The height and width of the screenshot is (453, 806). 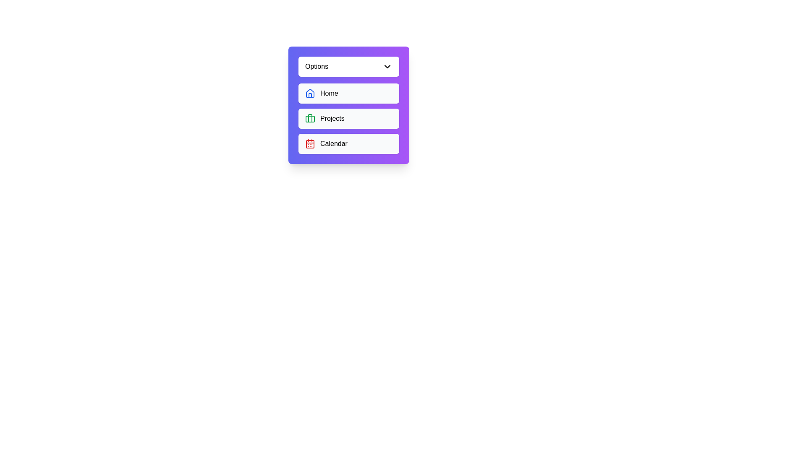 I want to click on the 'Calendar' option in the sidebar menu, so click(x=348, y=143).